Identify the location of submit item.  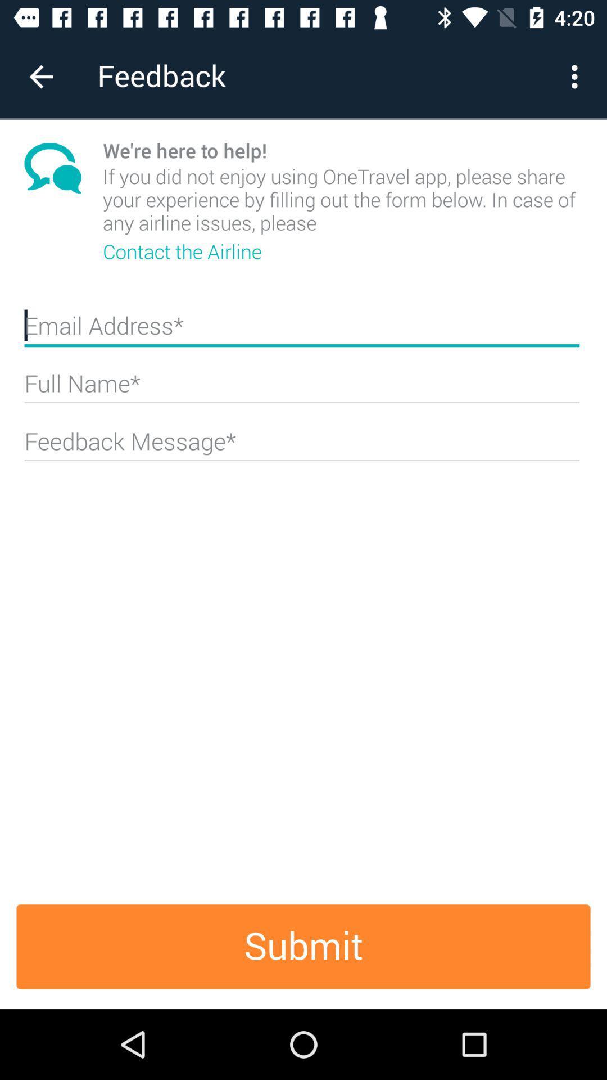
(303, 946).